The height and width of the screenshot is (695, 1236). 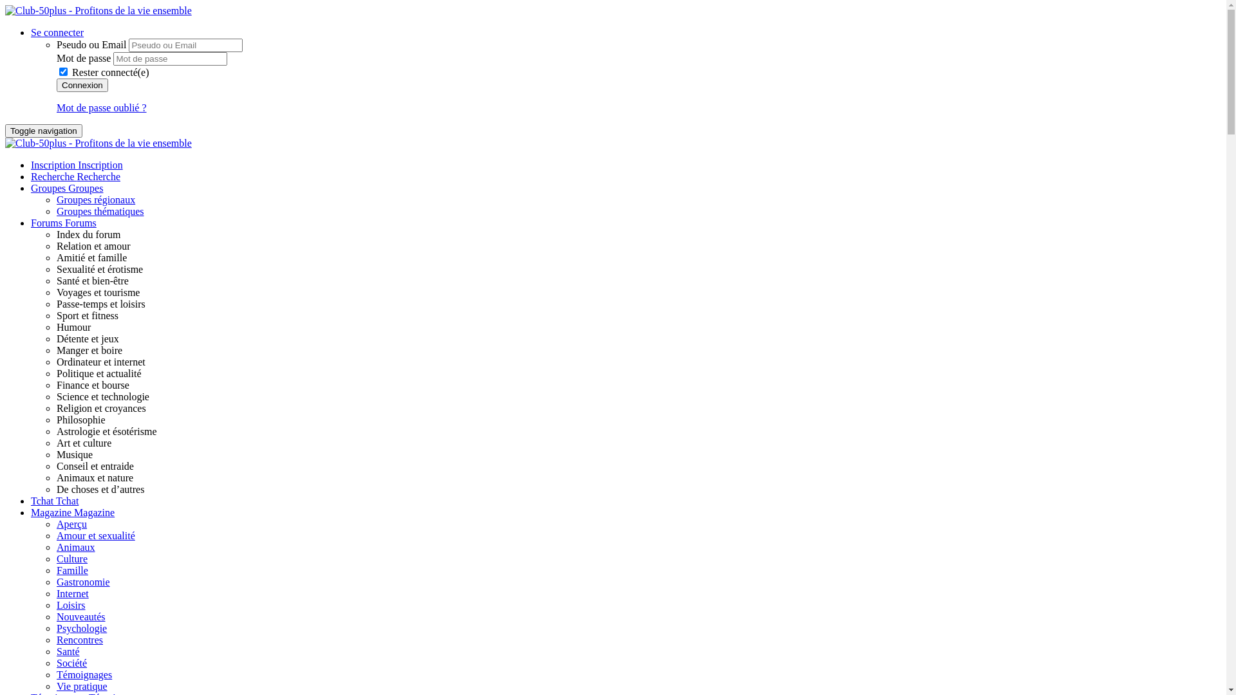 I want to click on 'Musique', so click(x=73, y=454).